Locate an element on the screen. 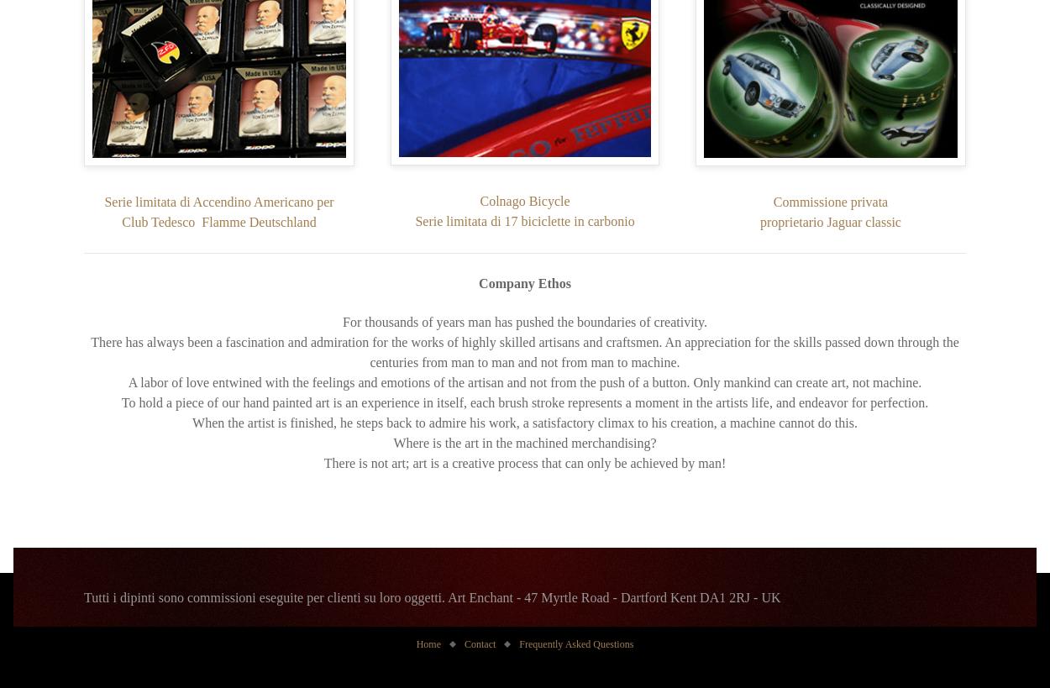 The width and height of the screenshot is (1050, 688). 'Commissione privata' is located at coordinates (829, 201).